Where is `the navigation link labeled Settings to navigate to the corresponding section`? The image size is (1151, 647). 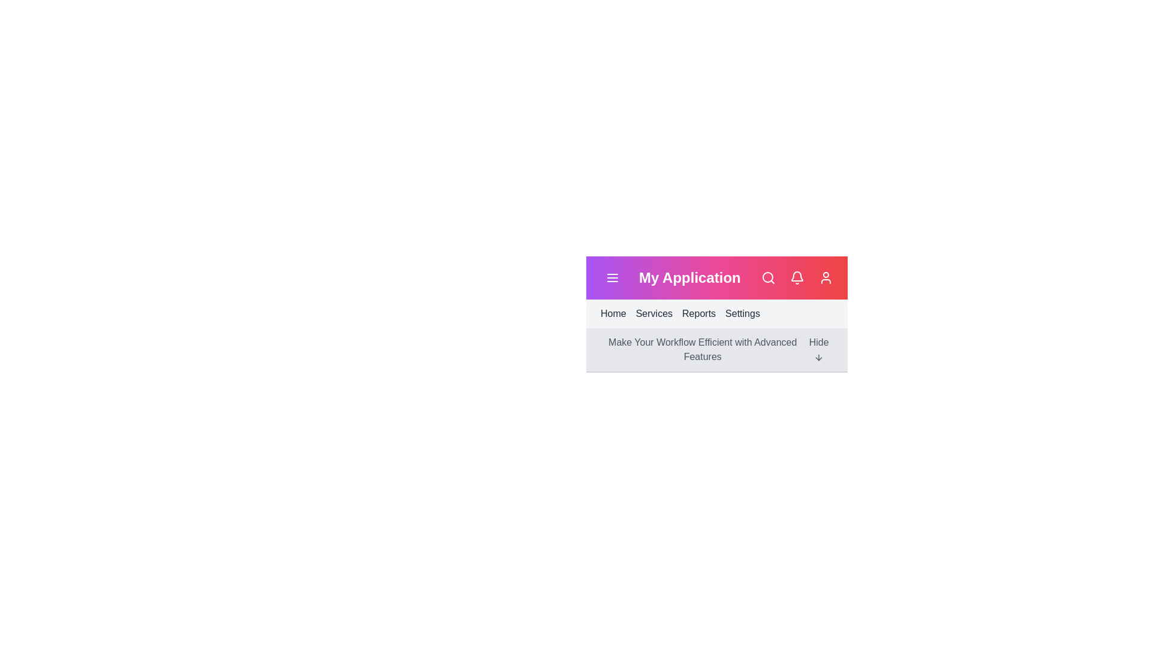
the navigation link labeled Settings to navigate to the corresponding section is located at coordinates (742, 313).